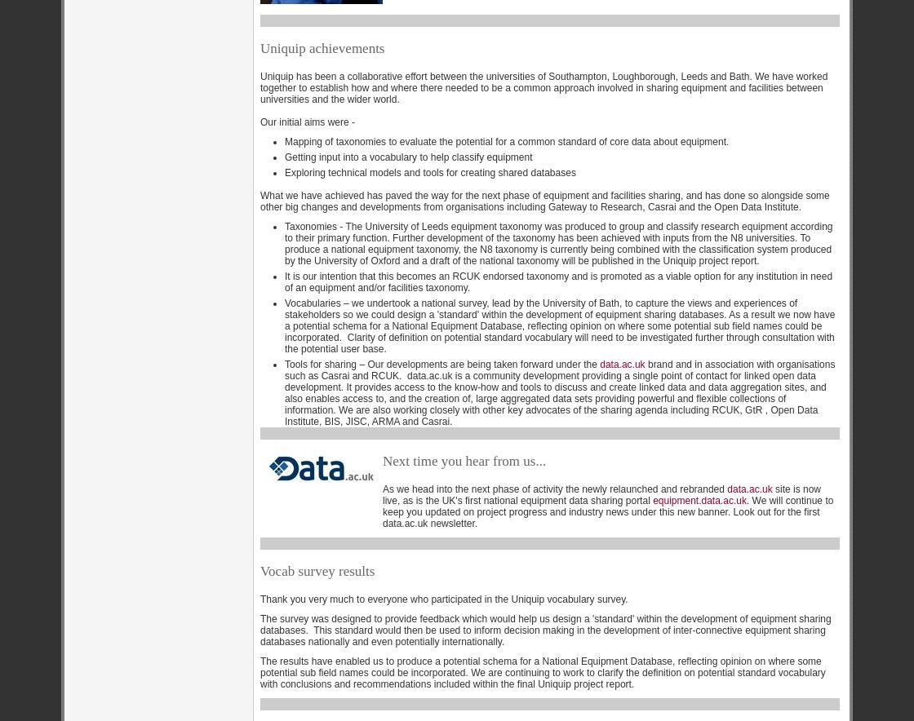 This screenshot has height=721, width=914. What do you see at coordinates (284, 171) in the screenshot?
I see `'Exploring technical models and tools for creating shared databases'` at bounding box center [284, 171].